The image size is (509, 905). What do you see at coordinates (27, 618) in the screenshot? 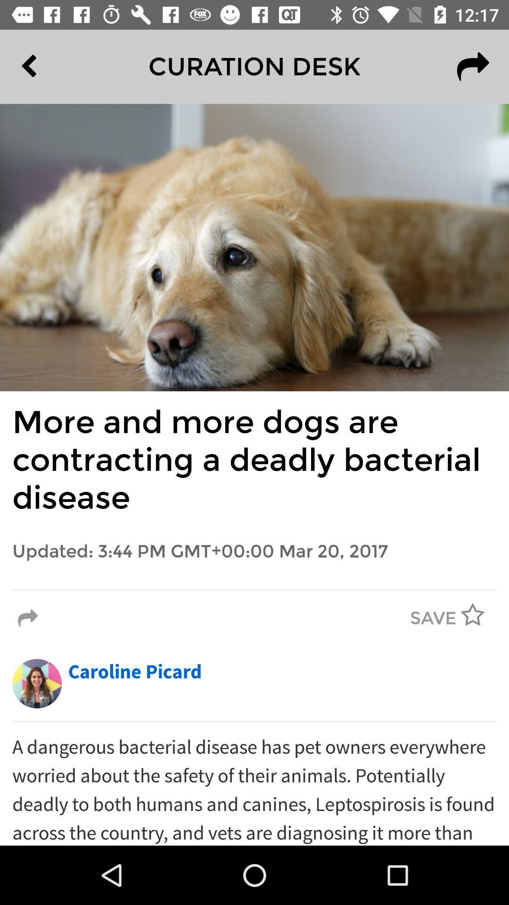
I see `item next to save` at bounding box center [27, 618].